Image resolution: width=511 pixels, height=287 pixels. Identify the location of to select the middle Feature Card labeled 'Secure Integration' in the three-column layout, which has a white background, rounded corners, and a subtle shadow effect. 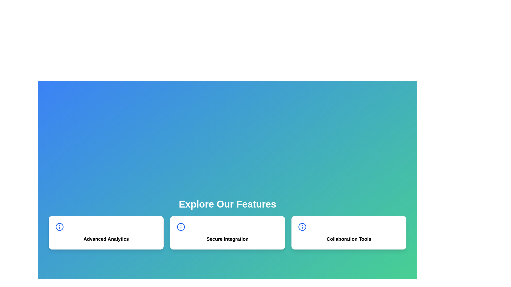
(227, 232).